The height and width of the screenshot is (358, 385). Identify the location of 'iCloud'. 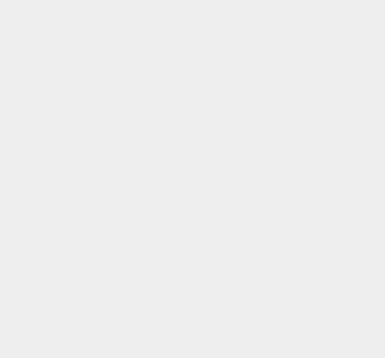
(278, 105).